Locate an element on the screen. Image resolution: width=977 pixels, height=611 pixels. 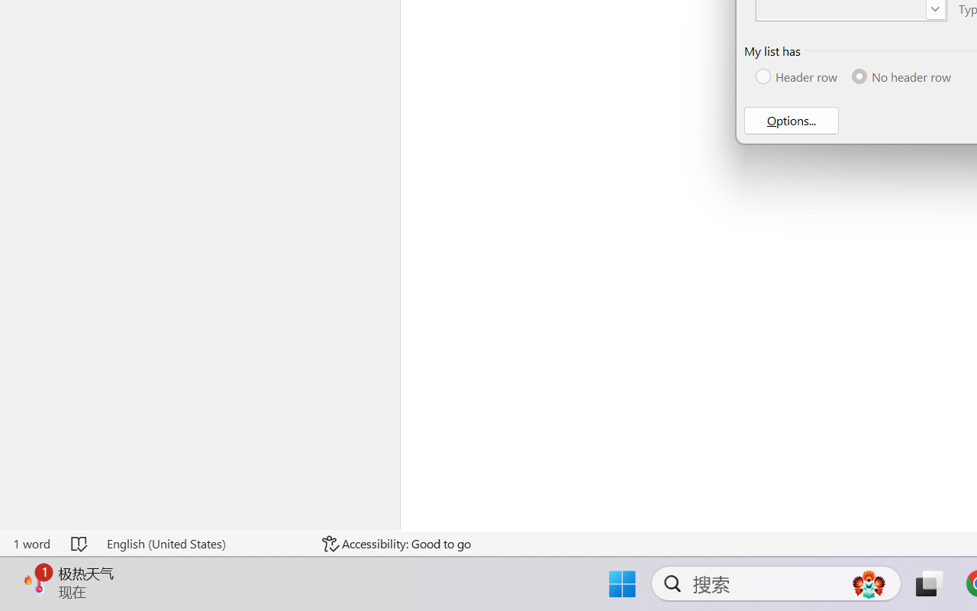
'No header row' is located at coordinates (903, 76).